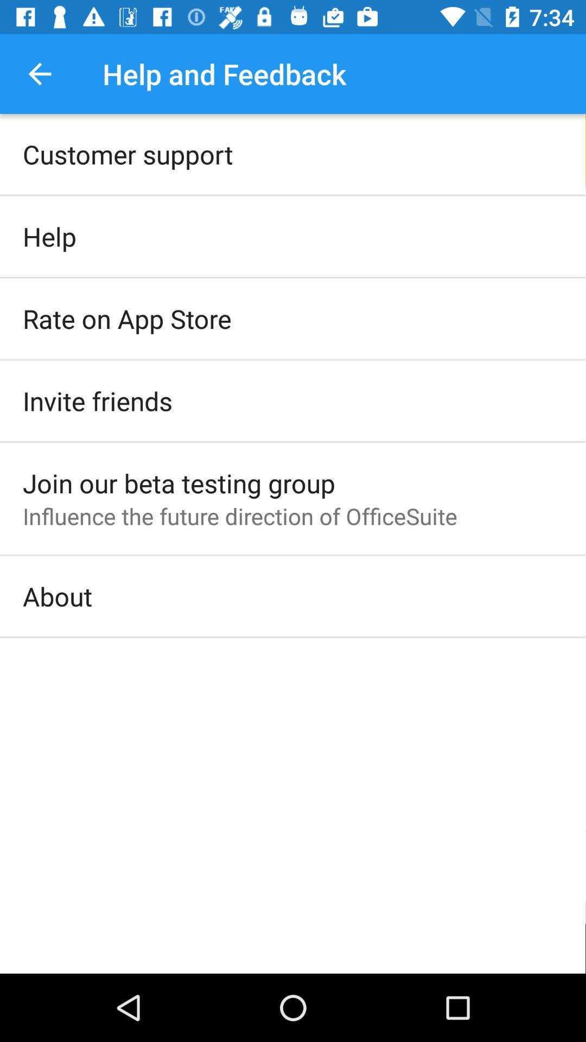 The width and height of the screenshot is (586, 1042). Describe the element at coordinates (39, 73) in the screenshot. I see `the app to the left of help and feedback icon` at that location.